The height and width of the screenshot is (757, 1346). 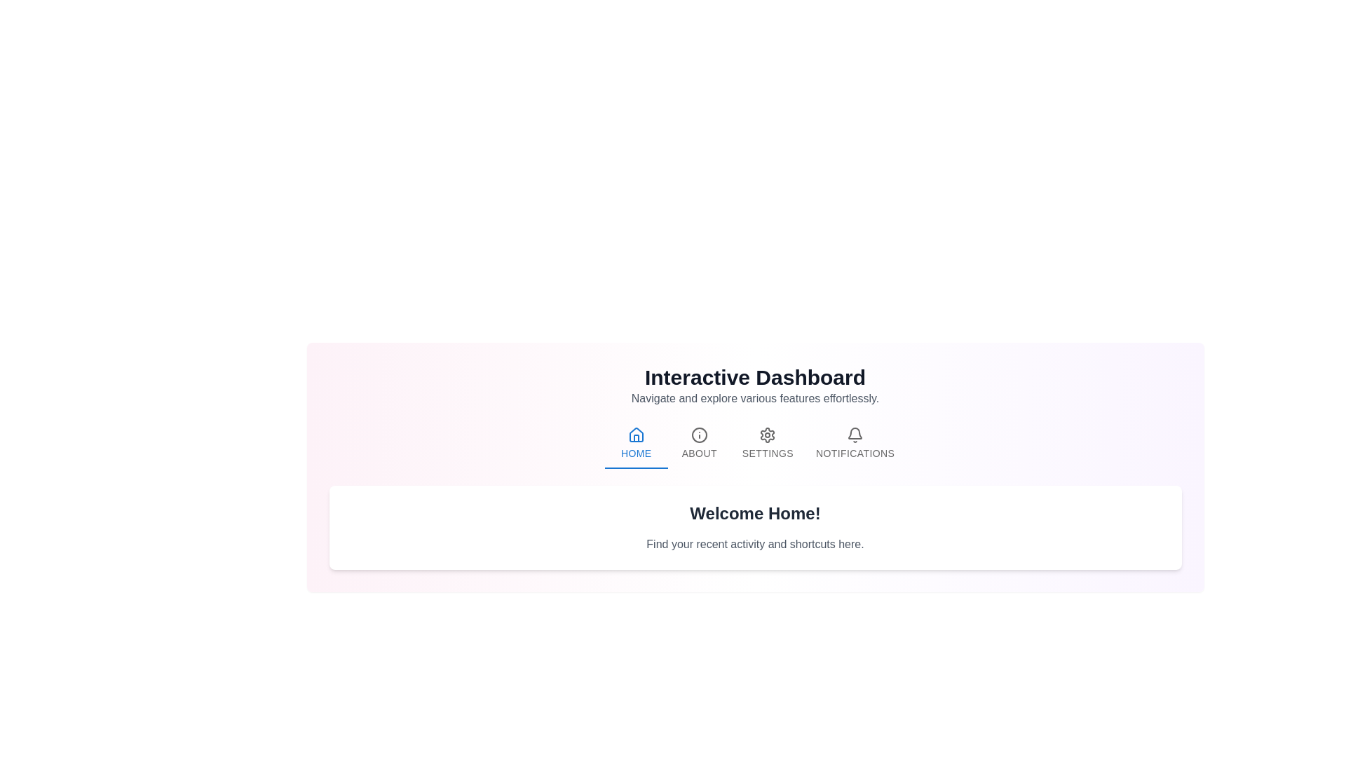 I want to click on the 'Notifications' tab, which features a bell icon above the text, so click(x=854, y=443).